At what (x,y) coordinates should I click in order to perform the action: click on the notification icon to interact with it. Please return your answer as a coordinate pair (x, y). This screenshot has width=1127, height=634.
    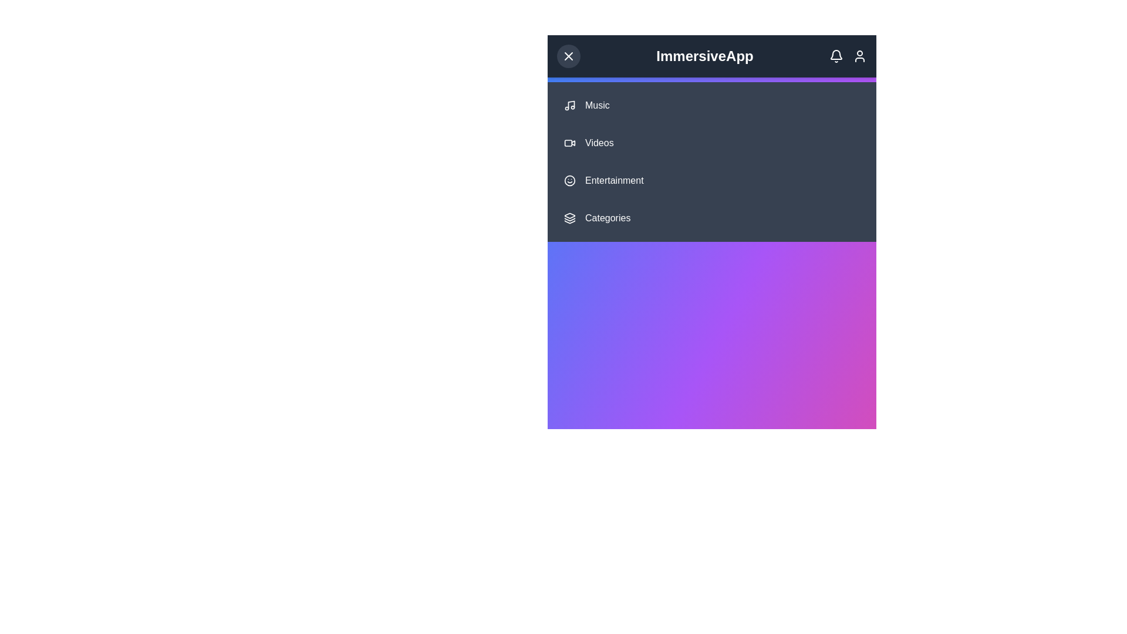
    Looking at the image, I should click on (836, 56).